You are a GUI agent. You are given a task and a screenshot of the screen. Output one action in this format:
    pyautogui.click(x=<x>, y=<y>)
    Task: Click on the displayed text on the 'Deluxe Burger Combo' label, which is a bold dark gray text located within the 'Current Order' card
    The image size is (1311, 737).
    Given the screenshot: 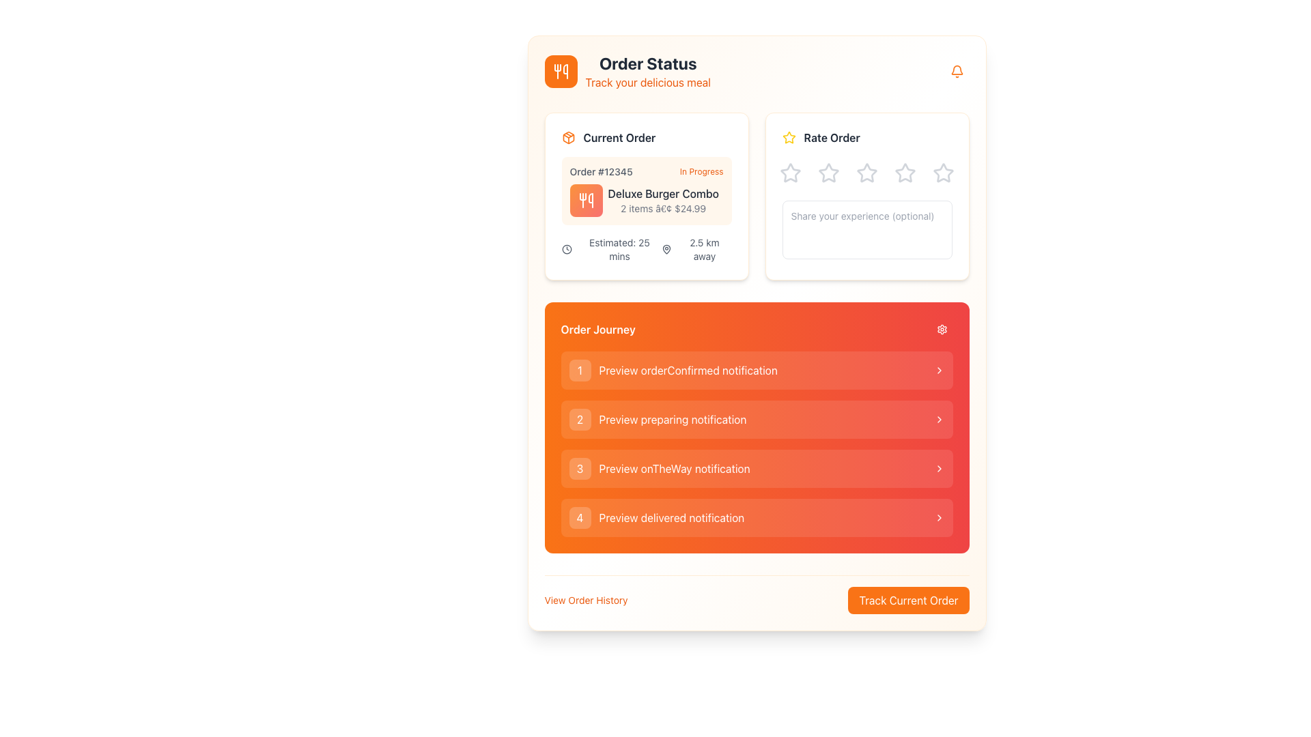 What is the action you would take?
    pyautogui.click(x=663, y=194)
    